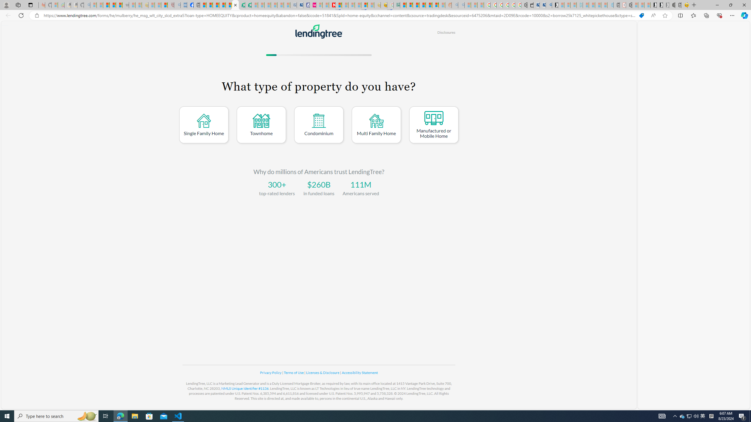  What do you see at coordinates (446, 32) in the screenshot?
I see `'Disclosures'` at bounding box center [446, 32].